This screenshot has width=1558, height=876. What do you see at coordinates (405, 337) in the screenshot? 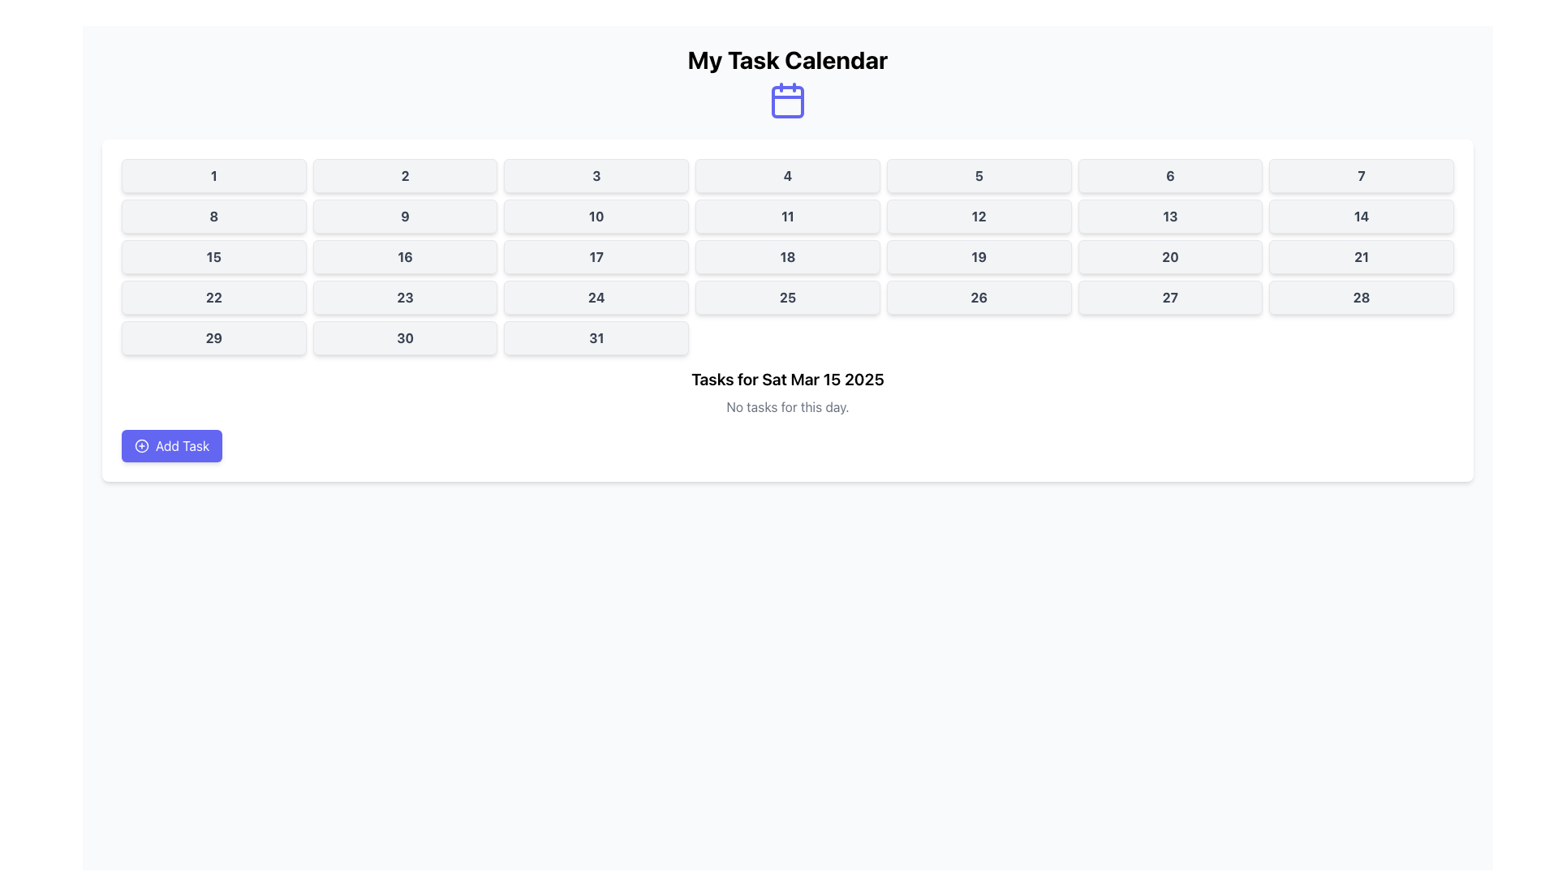
I see `the rectangular button labeled '30' with a light gray background and rounded corners` at bounding box center [405, 337].